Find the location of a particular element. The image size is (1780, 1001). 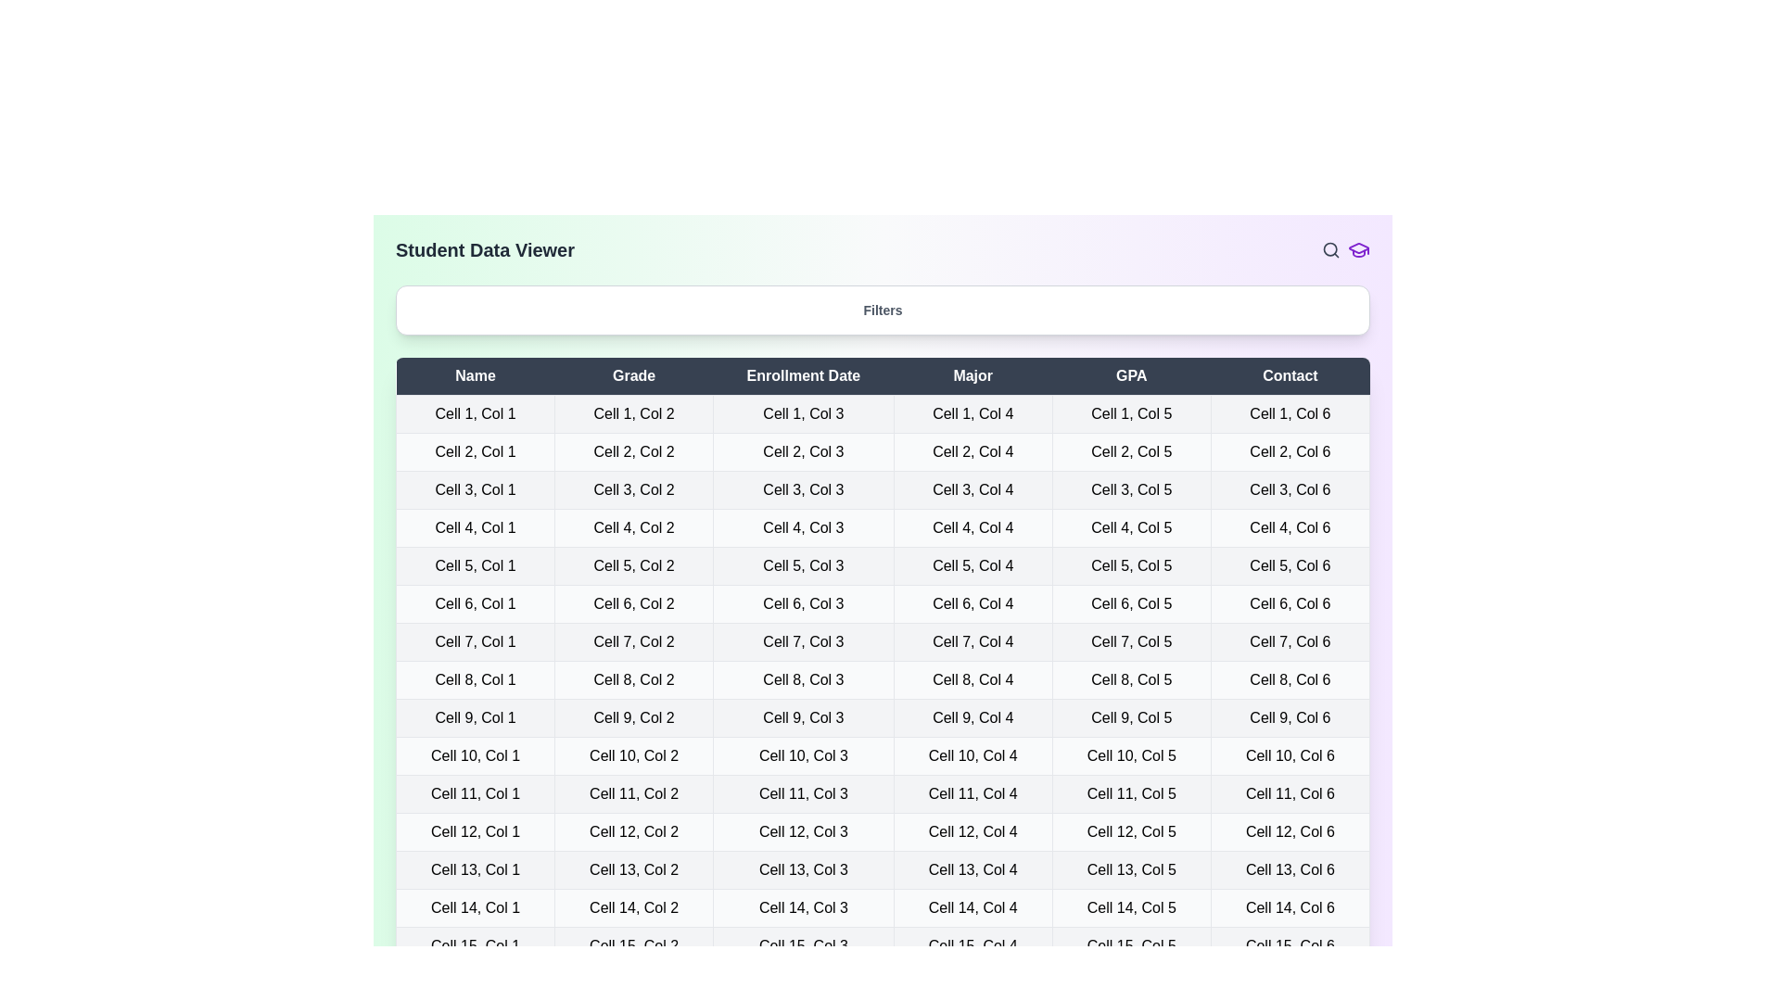

the 'Filters' section to expand or modify filters is located at coordinates (882, 310).